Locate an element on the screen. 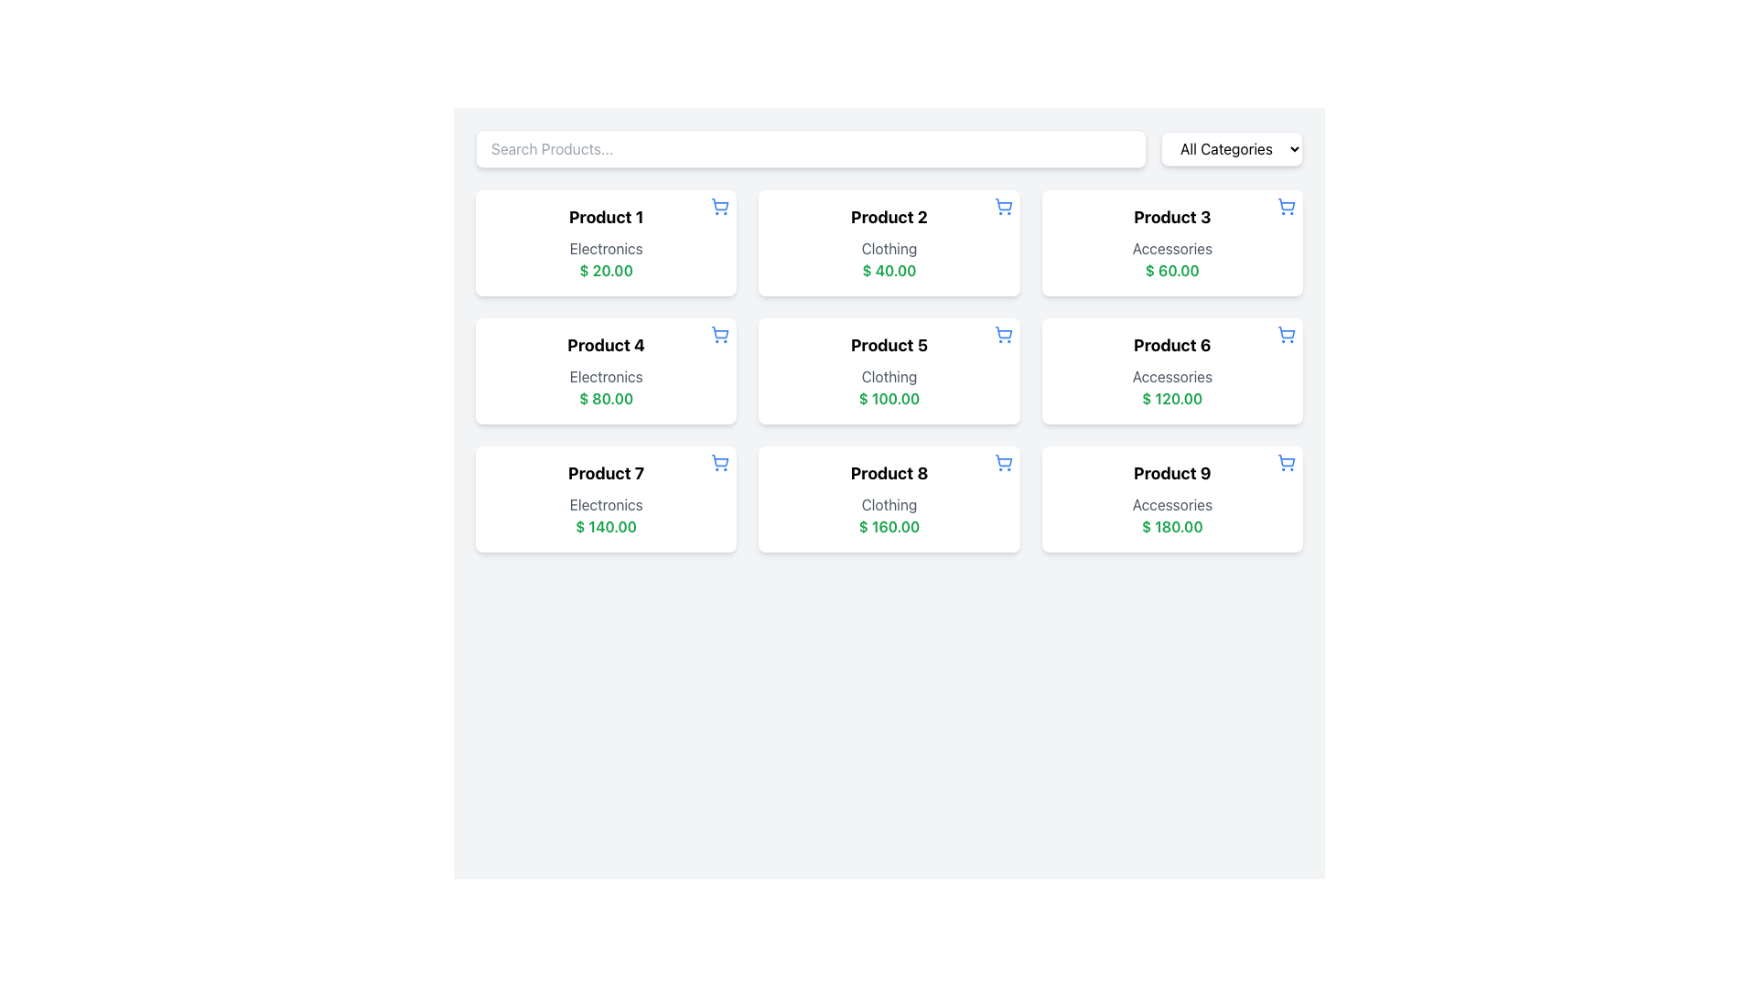 This screenshot has height=988, width=1757. the Text label indicating the category of 'Product 9', which is positioned beneath the title and above the price information is located at coordinates (1172, 504).